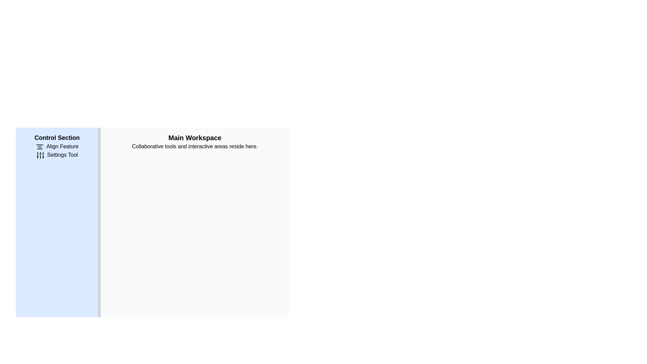  Describe the element at coordinates (57, 146) in the screenshot. I see `the 'Align Feature' menu item in the Control Section` at that location.